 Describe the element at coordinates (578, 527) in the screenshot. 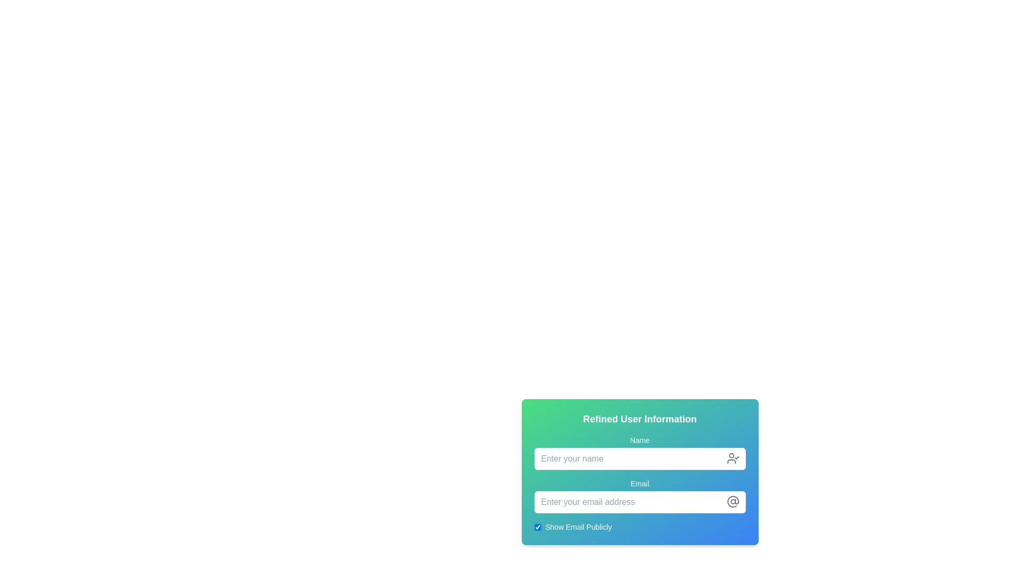

I see `the label reading 'Show Email Publicly' which is styled with white text on a gradient background, positioned next to a checkbox at the bottom of the form` at that location.